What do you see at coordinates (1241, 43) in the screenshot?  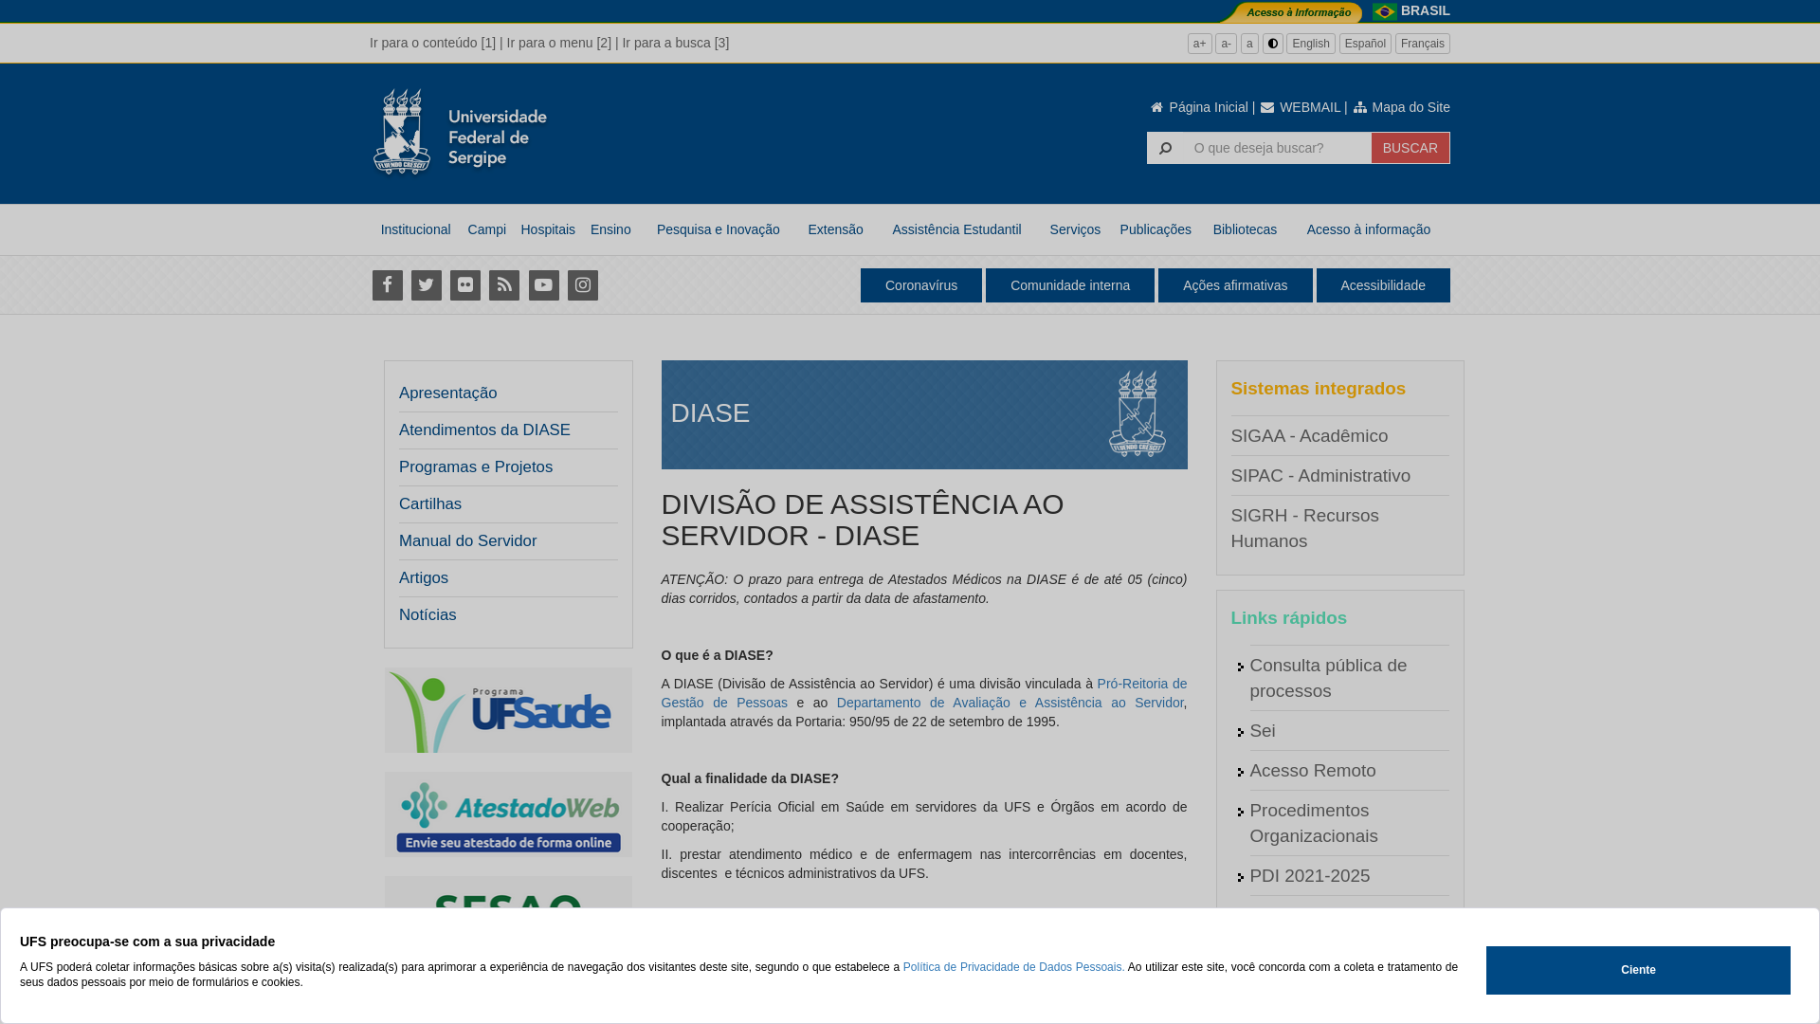 I see `'a'` at bounding box center [1241, 43].